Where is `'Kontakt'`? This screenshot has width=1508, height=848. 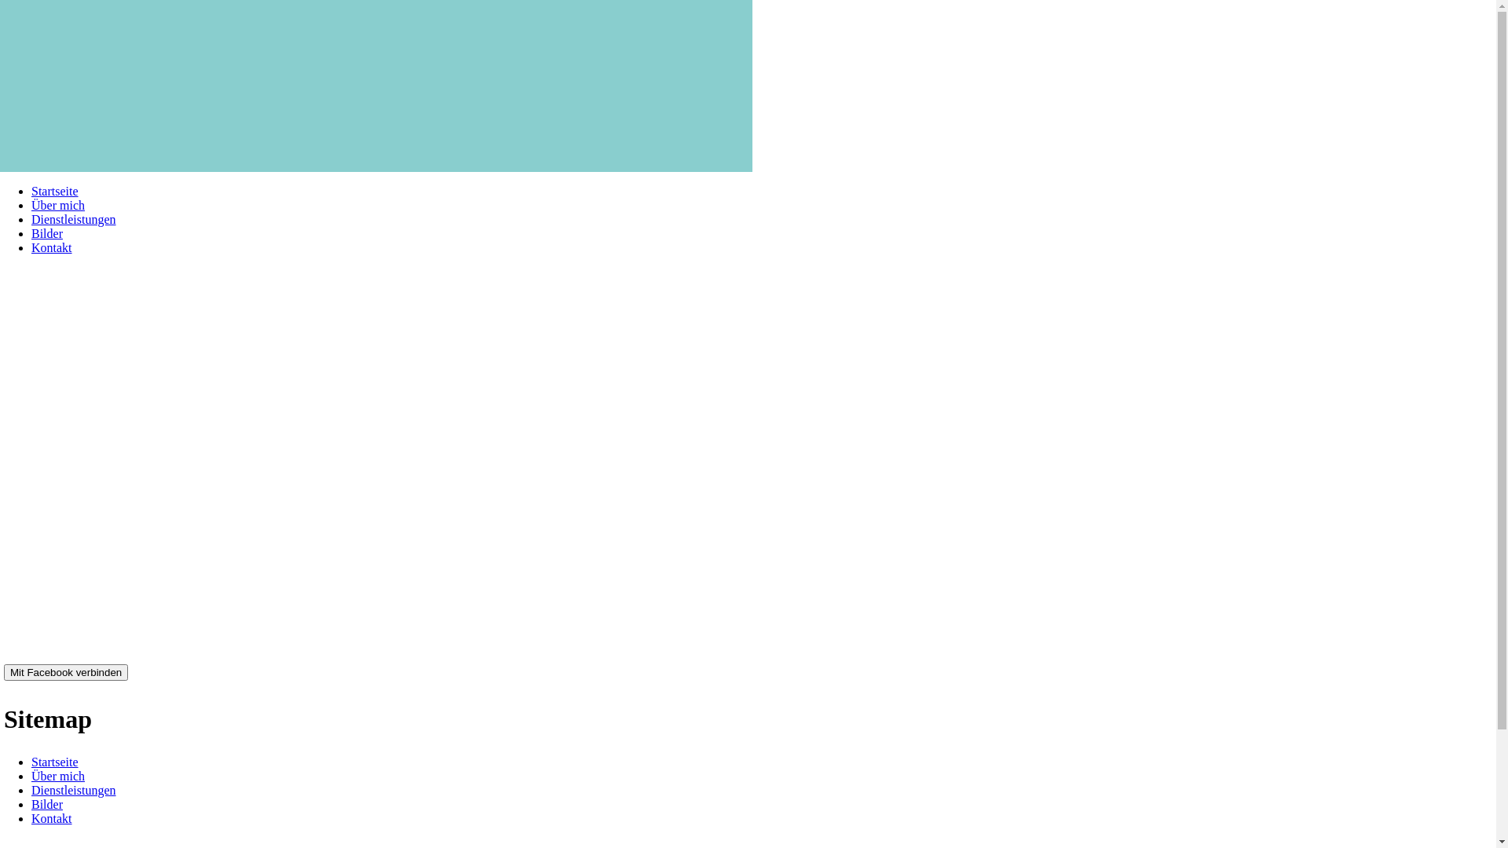
'Kontakt' is located at coordinates (52, 817).